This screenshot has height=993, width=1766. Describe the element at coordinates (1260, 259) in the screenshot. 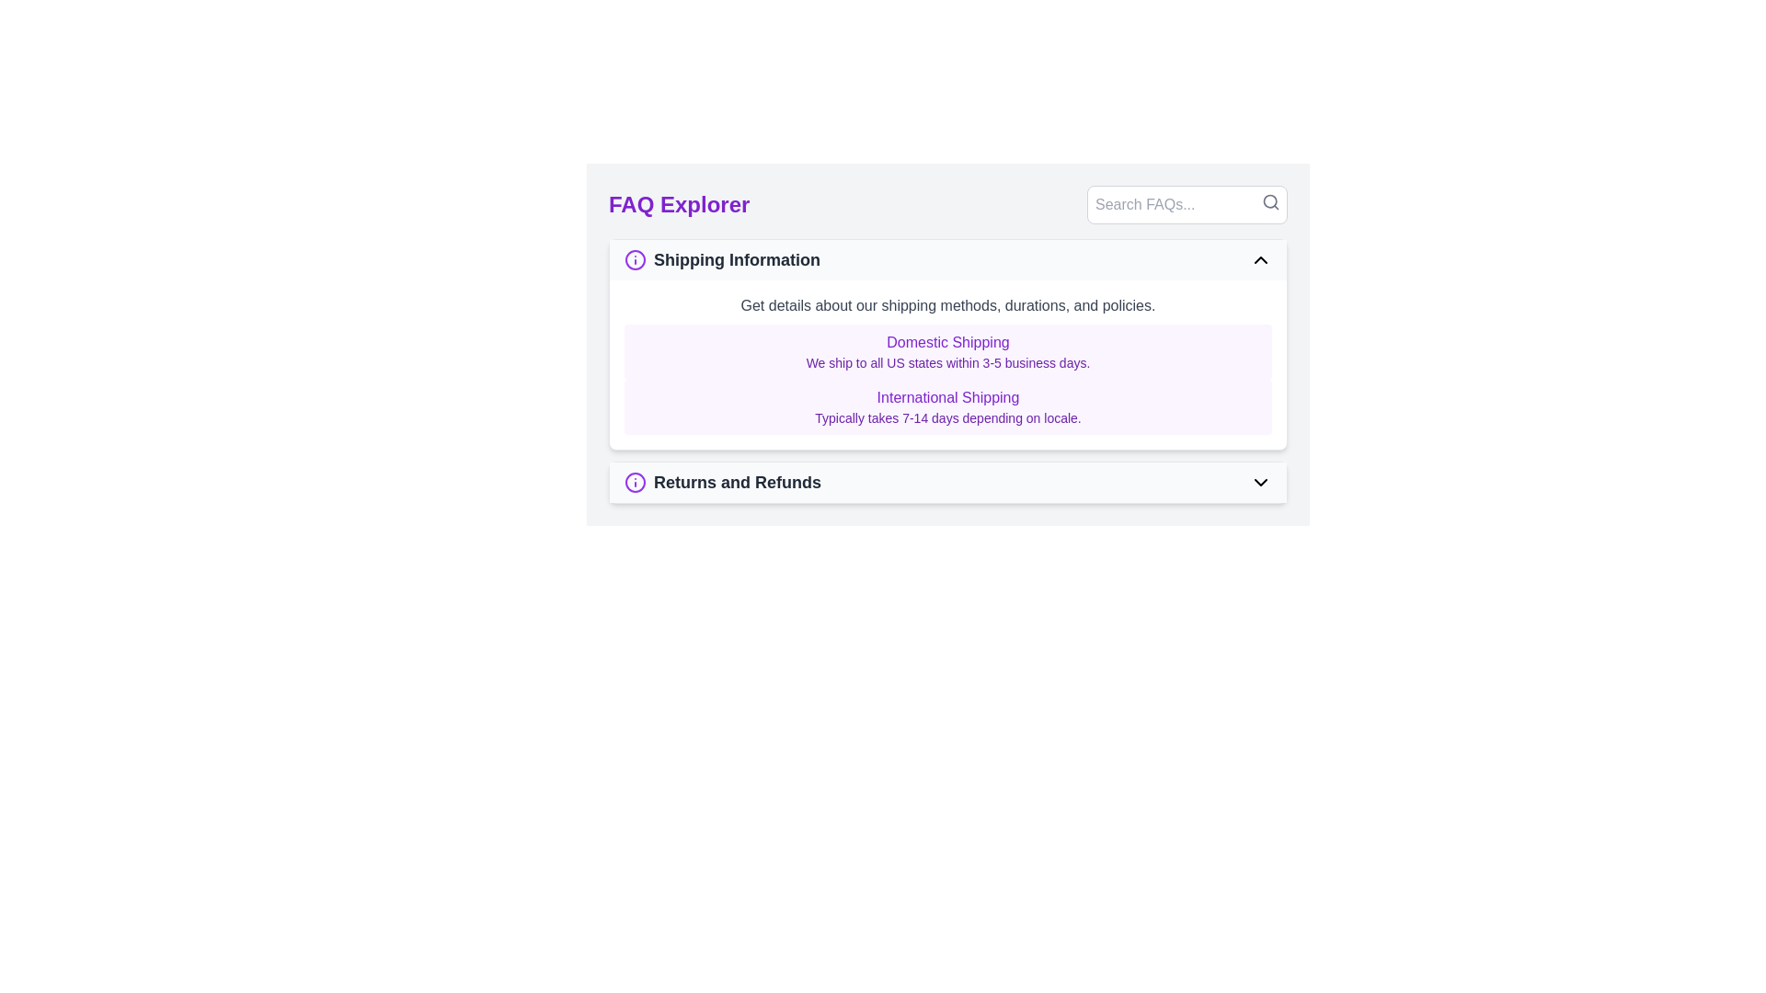

I see `the Chevron toggle icon located in the top-right corner of the 'Shipping Information' header section` at that location.